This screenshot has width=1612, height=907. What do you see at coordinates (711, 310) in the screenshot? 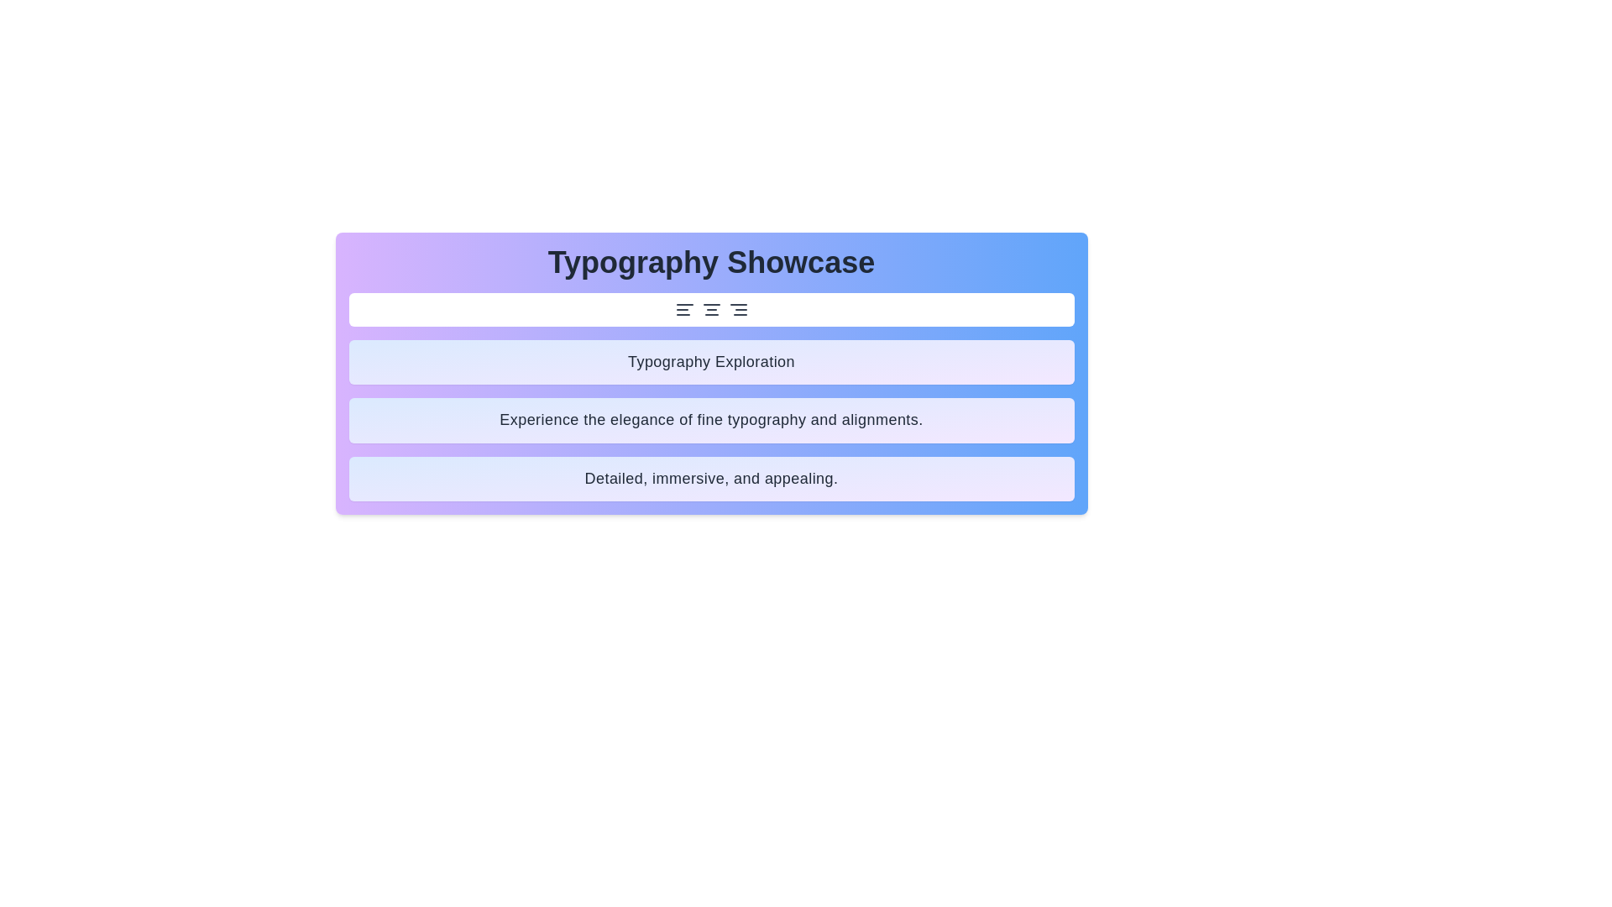
I see `the centered alignment button located in the middle of three alignment icons` at bounding box center [711, 310].